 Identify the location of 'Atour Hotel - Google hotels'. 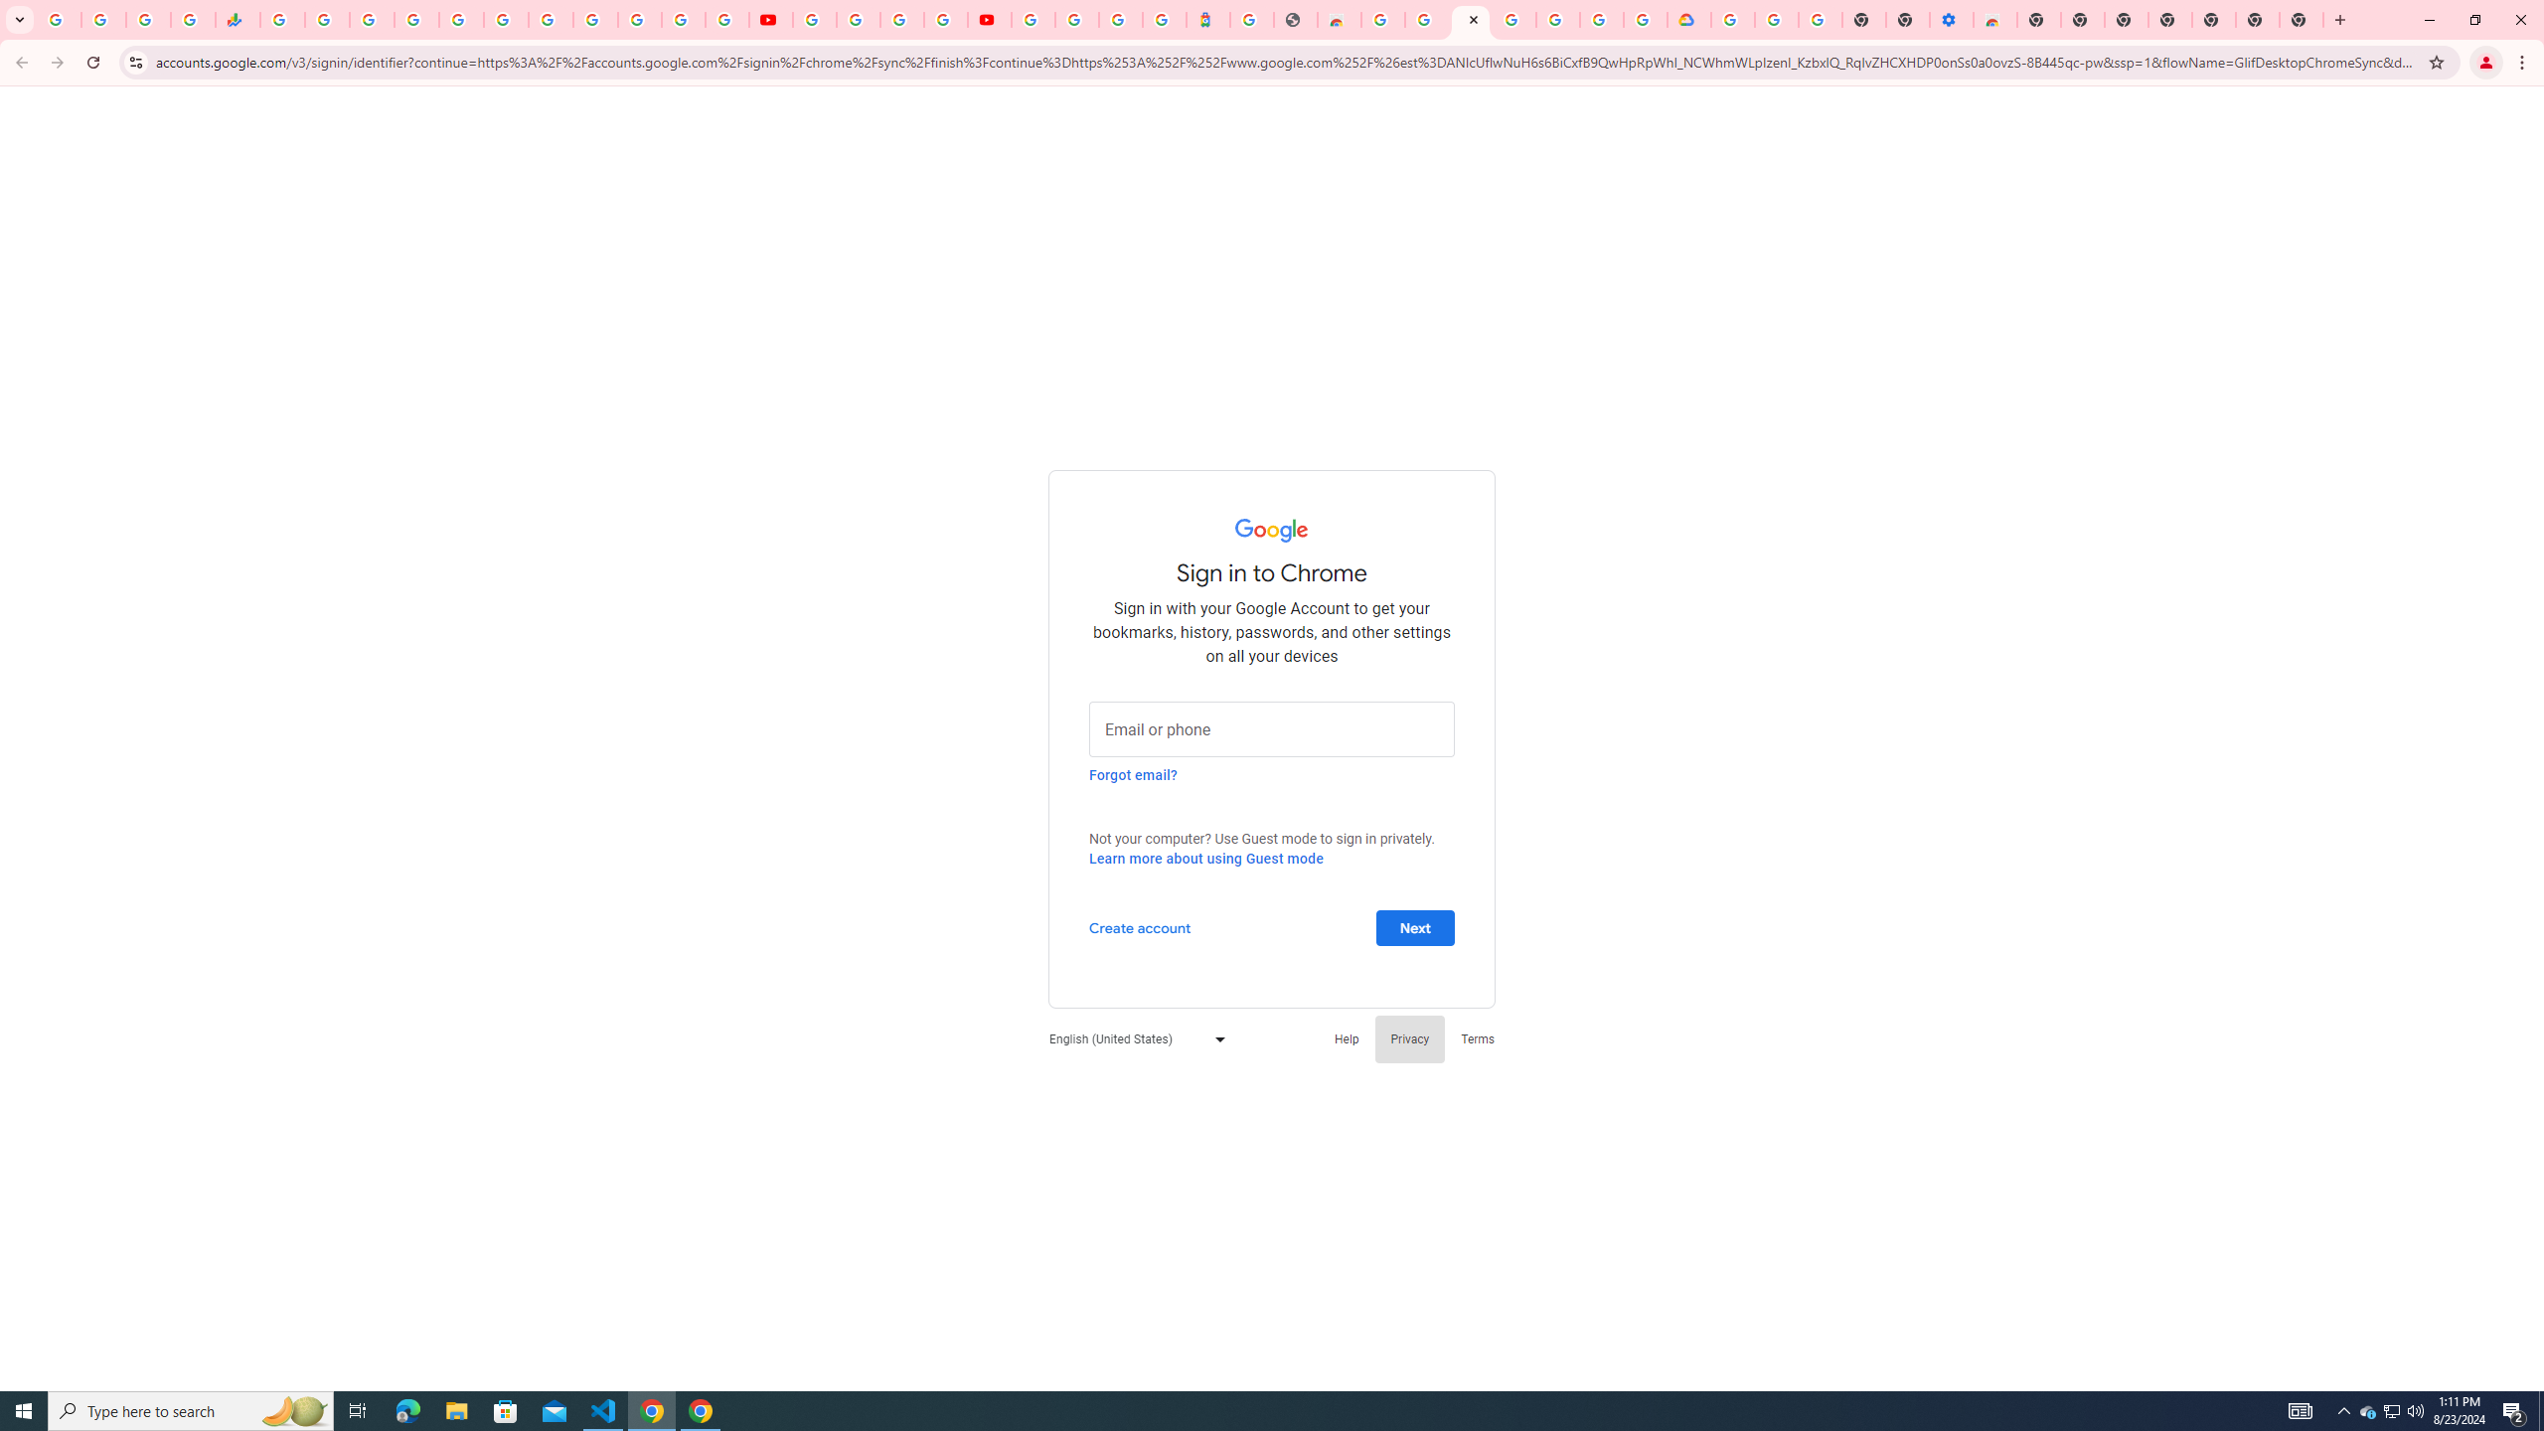
(1207, 19).